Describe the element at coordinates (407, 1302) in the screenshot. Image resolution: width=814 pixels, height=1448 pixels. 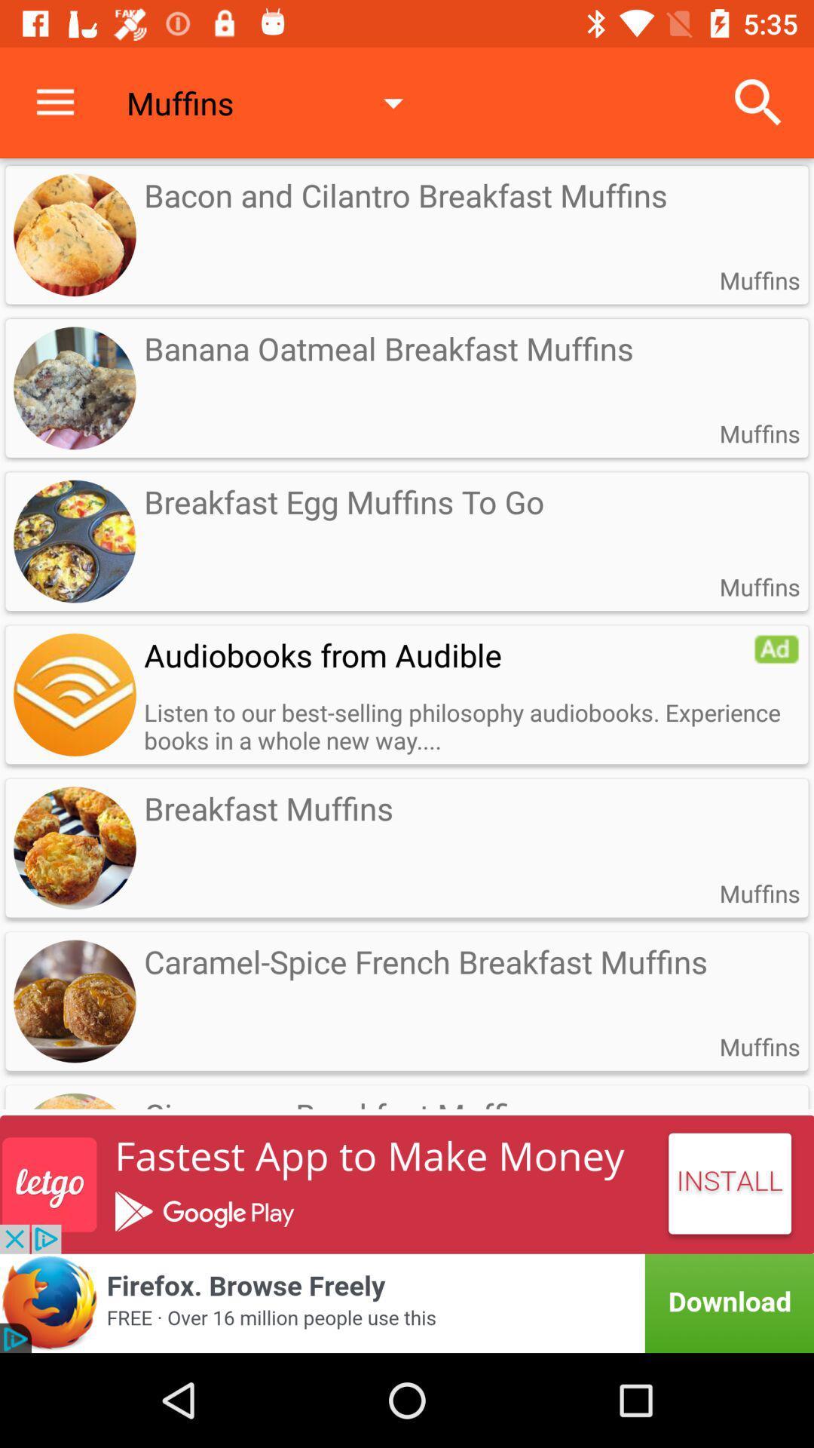
I see `adverisement` at that location.